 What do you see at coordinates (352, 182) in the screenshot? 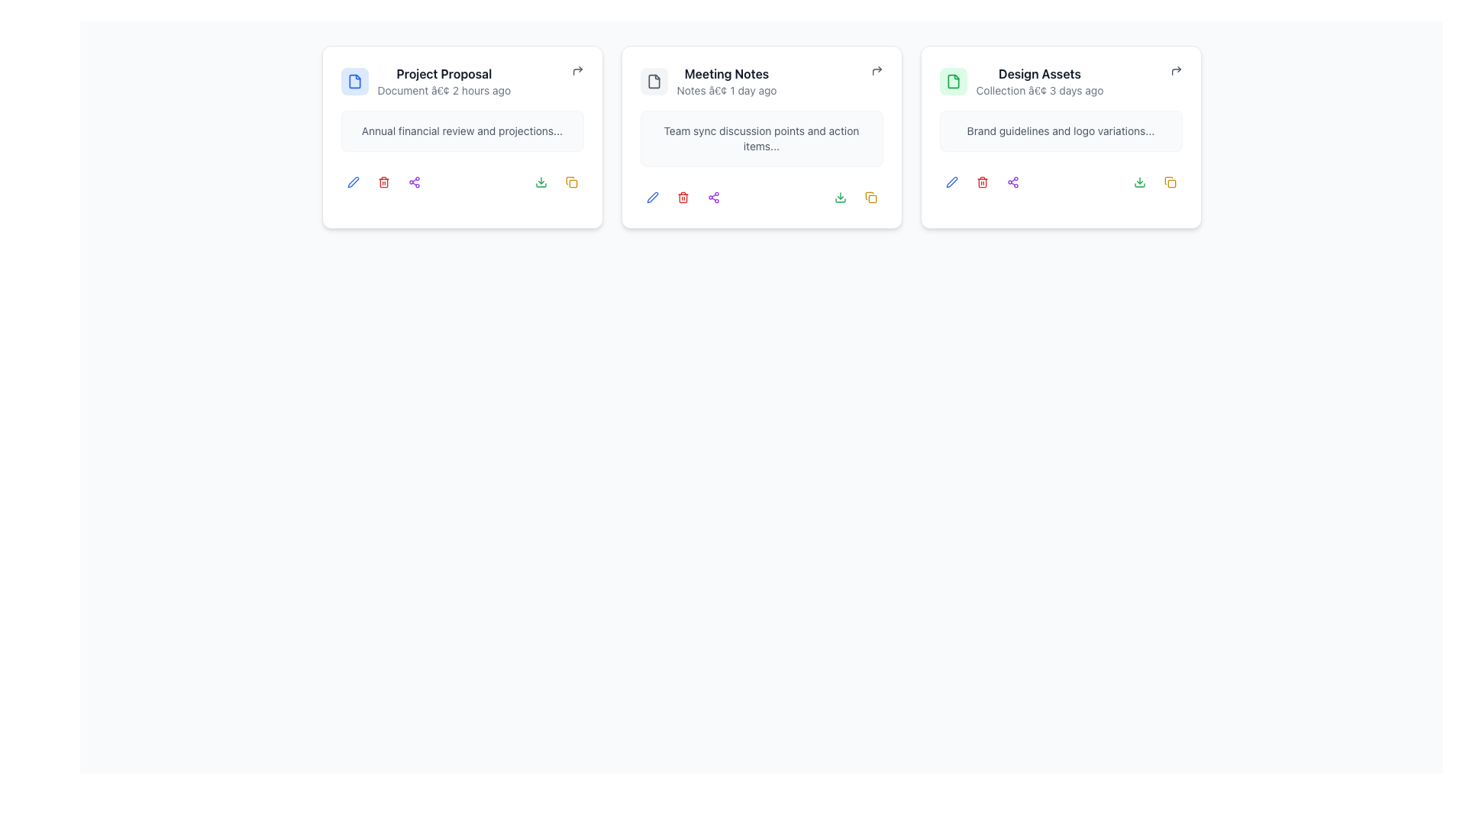
I see `the 'Edit' icon located in the top right corner of the 'Project Proposal' card to initiate the edit action` at bounding box center [352, 182].